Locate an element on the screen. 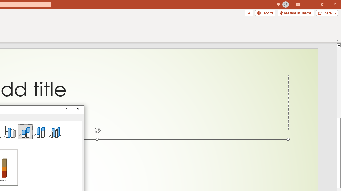 This screenshot has height=191, width=341. '3-D Column' is located at coordinates (55, 131).